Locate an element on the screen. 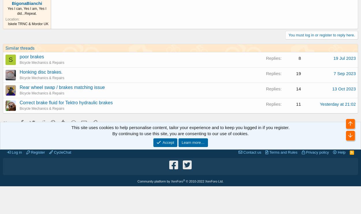  '7 Sep 2023' is located at coordinates (344, 73).